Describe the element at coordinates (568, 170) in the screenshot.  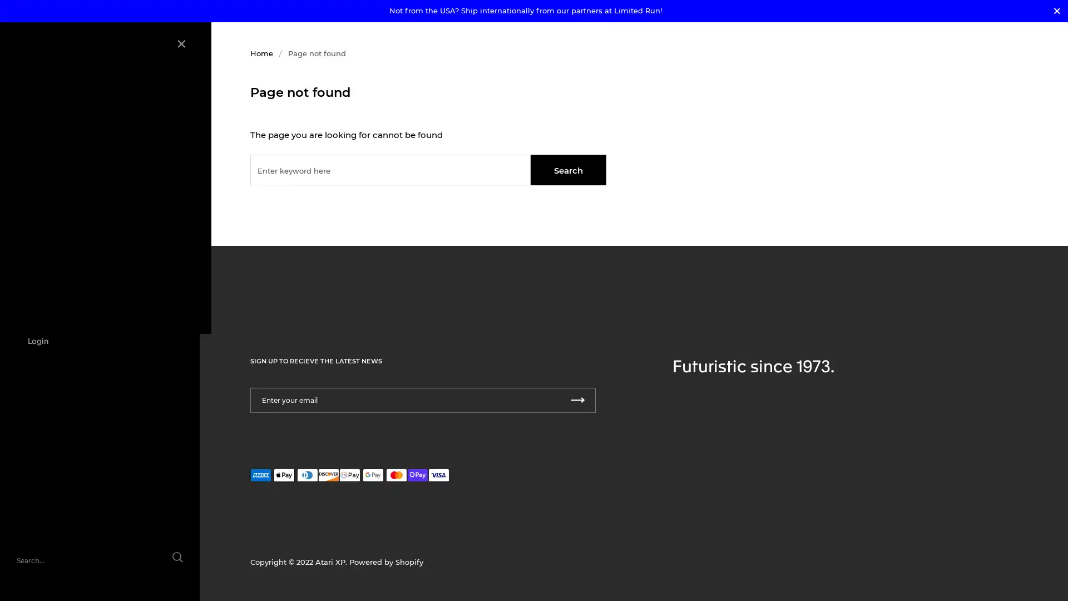
I see `Search` at that location.